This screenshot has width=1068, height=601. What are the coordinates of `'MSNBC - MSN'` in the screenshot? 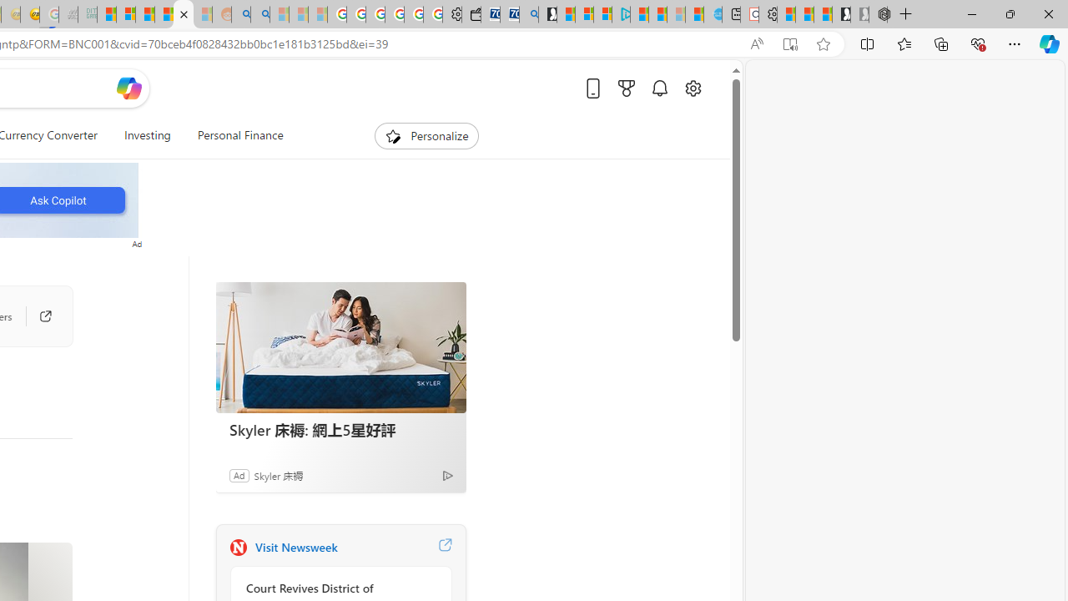 It's located at (106, 14).